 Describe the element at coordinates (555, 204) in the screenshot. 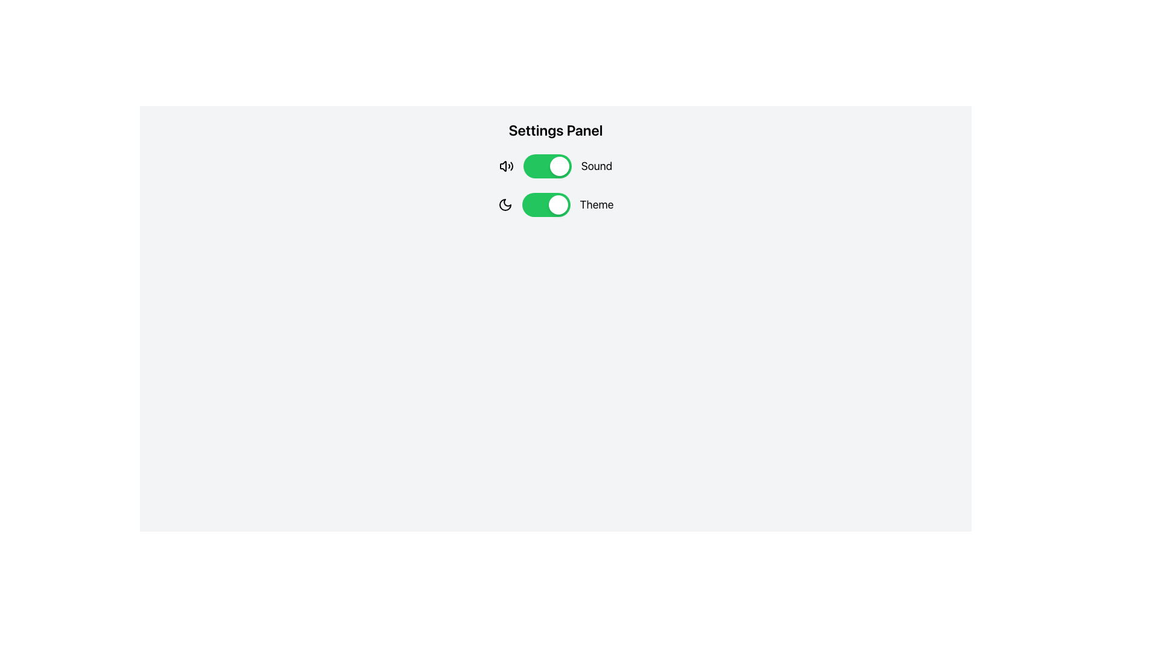

I see `the toggle switch labeled 'Theme' with a crescent moon icon to switch its state on or off` at that location.